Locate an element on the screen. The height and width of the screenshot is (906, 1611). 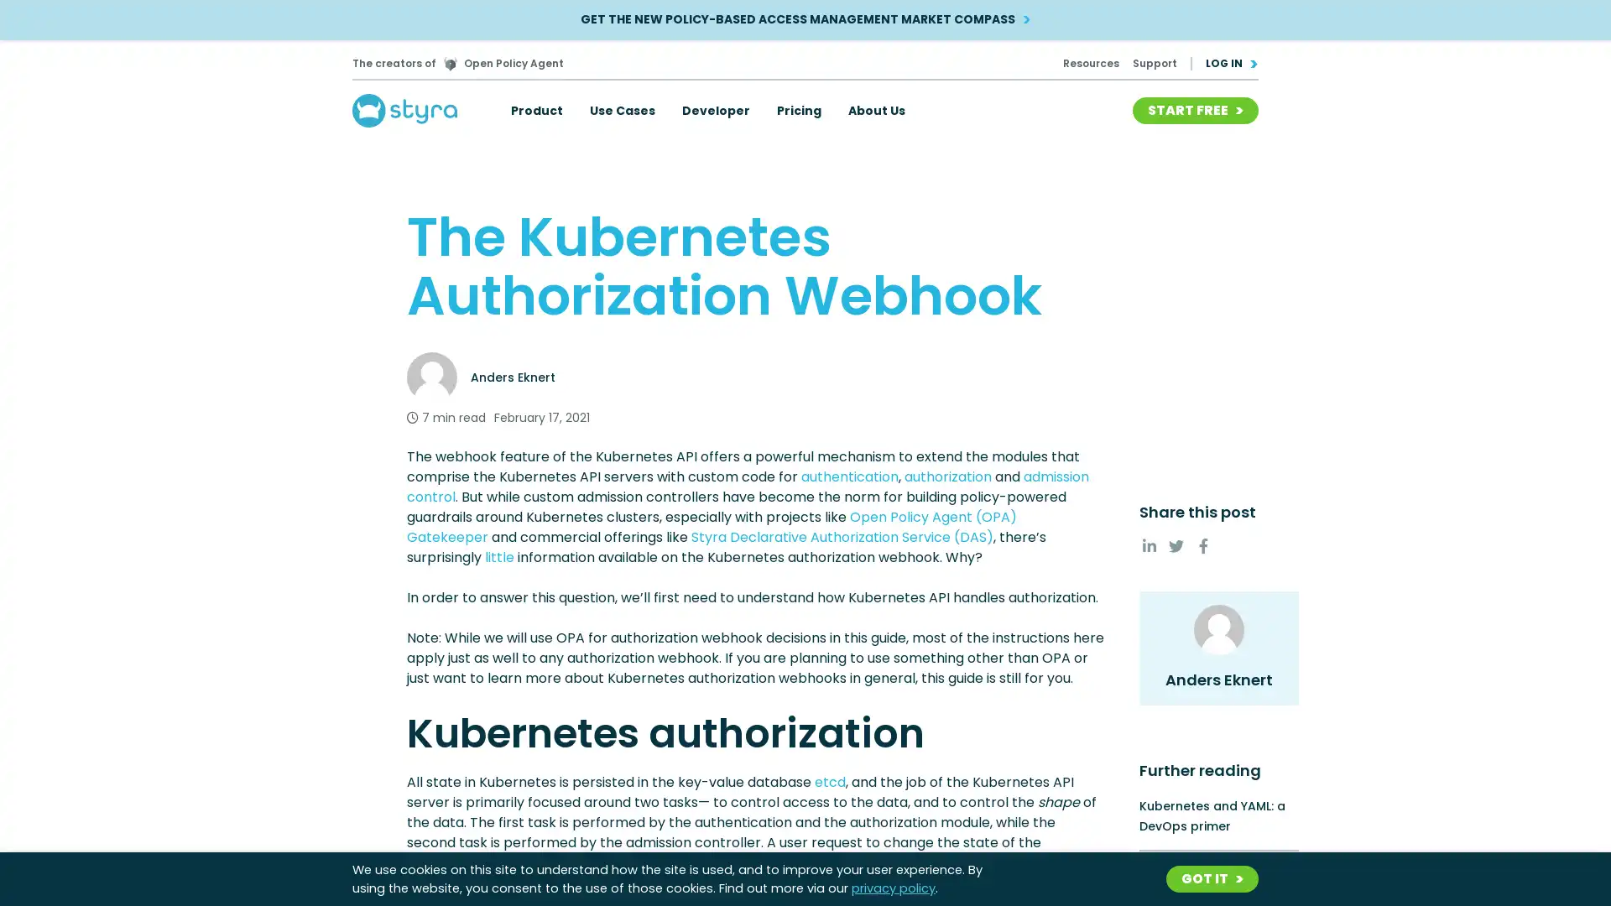
GOT IT > is located at coordinates (1212, 878).